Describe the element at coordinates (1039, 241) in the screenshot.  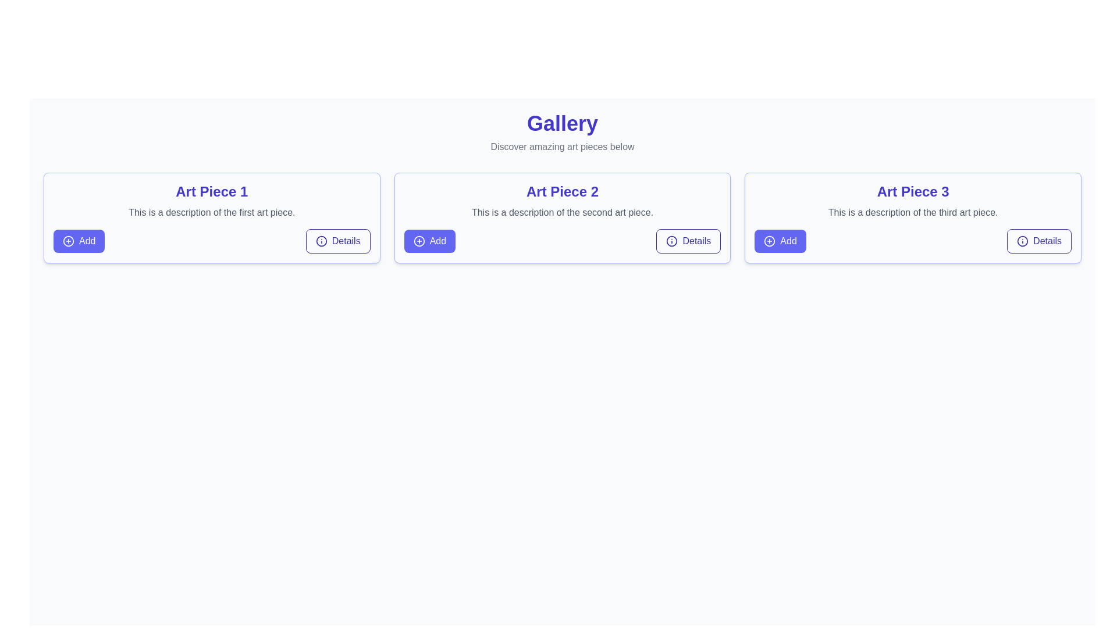
I see `the button located at the bottom right of the third card in the 'Gallery' section` at that location.